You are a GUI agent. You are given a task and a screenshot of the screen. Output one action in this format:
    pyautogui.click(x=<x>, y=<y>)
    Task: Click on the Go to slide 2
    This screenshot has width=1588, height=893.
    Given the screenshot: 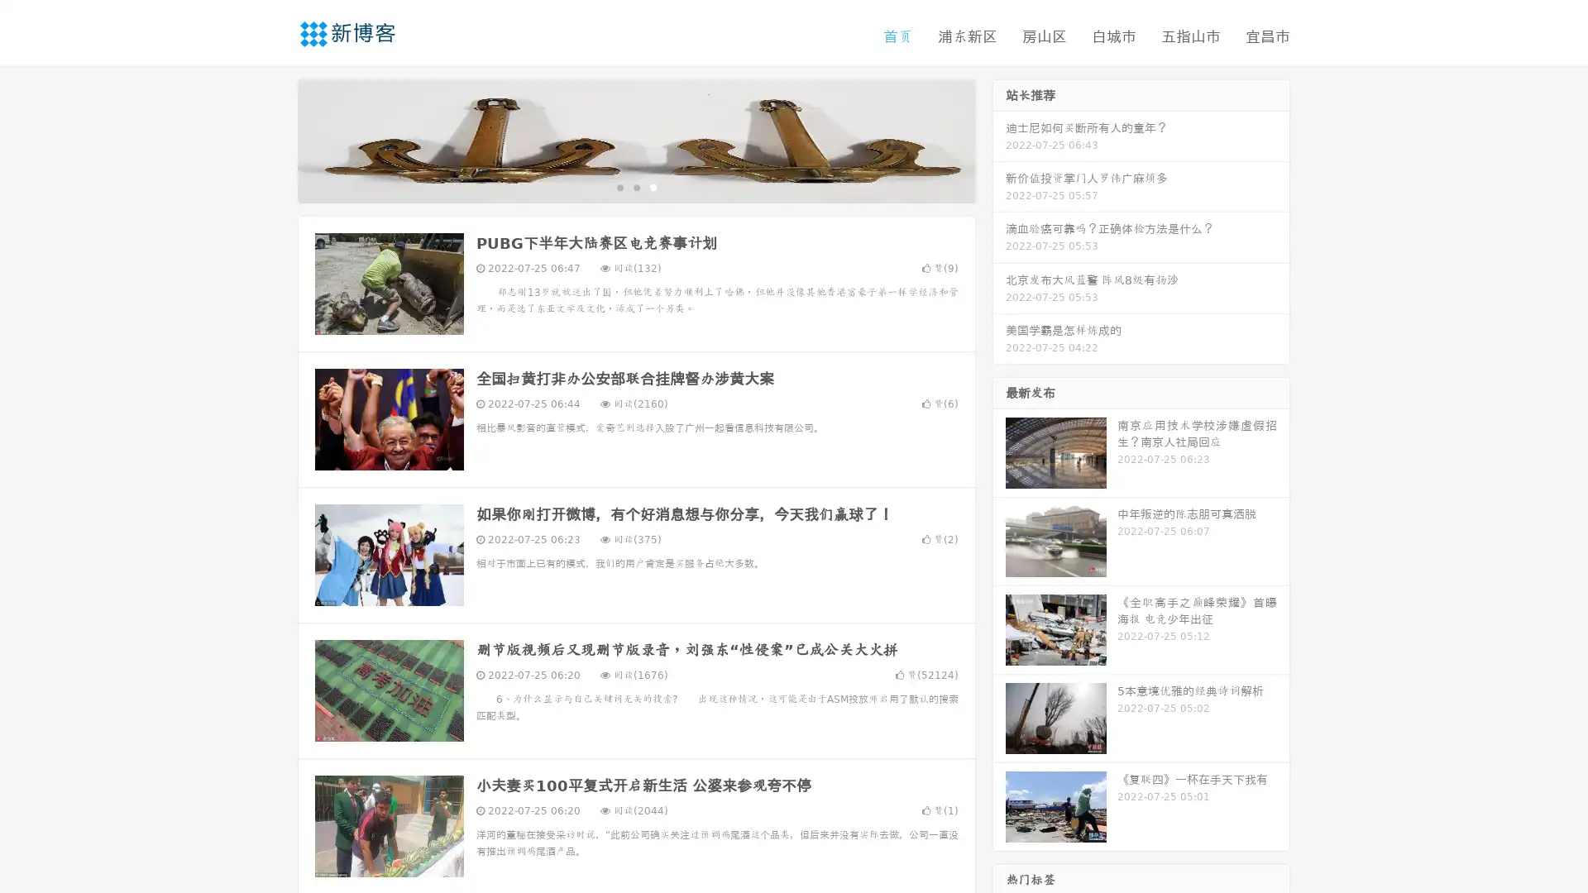 What is the action you would take?
    pyautogui.click(x=635, y=186)
    